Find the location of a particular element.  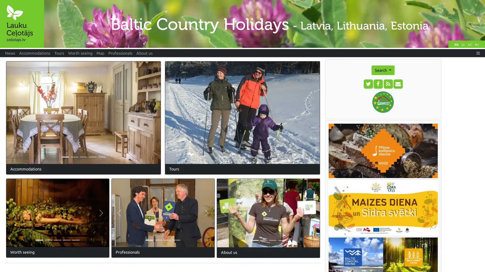

Previous is located at coordinates (177, 112).